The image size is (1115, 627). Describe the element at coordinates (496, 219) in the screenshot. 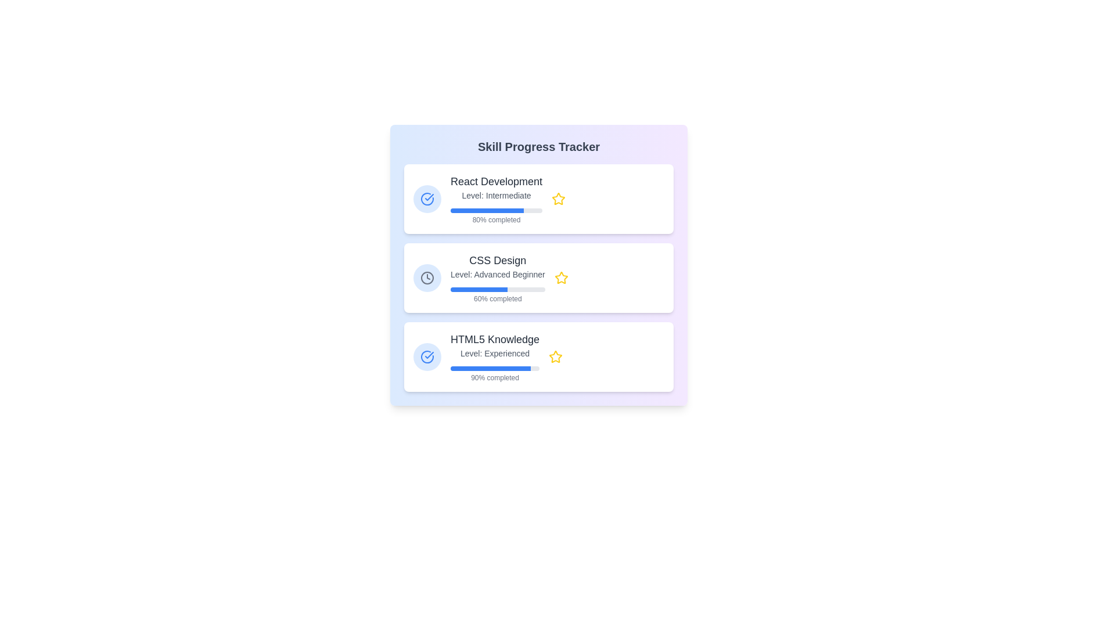

I see `the Text label indicating 80% completion in the 'React Development' progress section, which is located directly underneath the progress bar` at that location.